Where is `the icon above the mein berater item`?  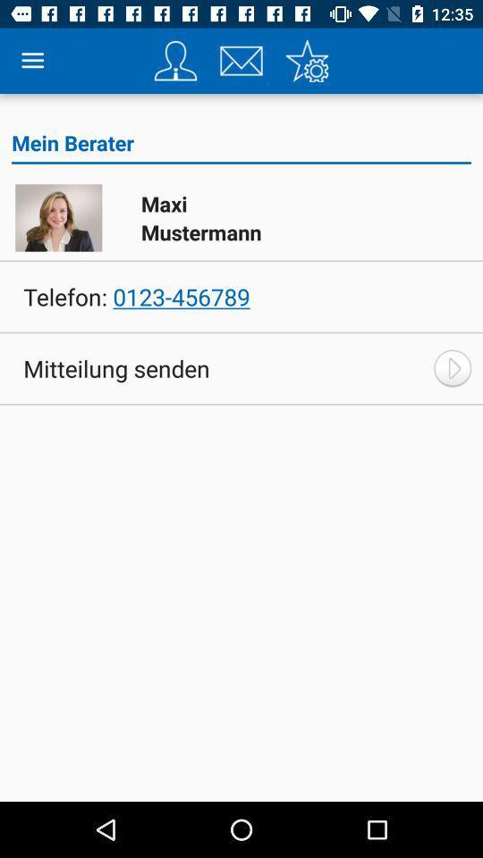
the icon above the mein berater item is located at coordinates (306, 61).